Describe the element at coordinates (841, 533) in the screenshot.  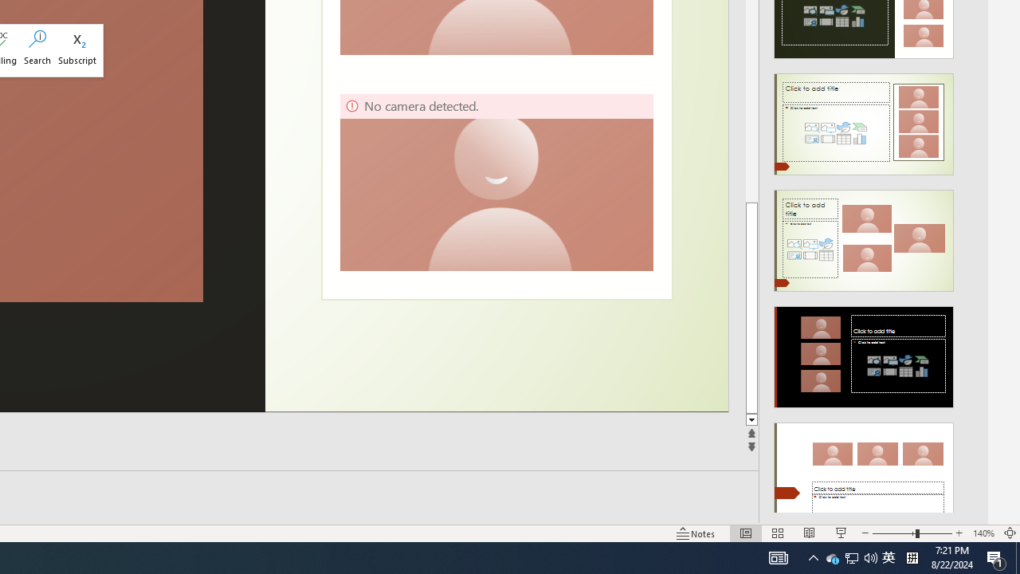
I see `'Slide Show'` at that location.